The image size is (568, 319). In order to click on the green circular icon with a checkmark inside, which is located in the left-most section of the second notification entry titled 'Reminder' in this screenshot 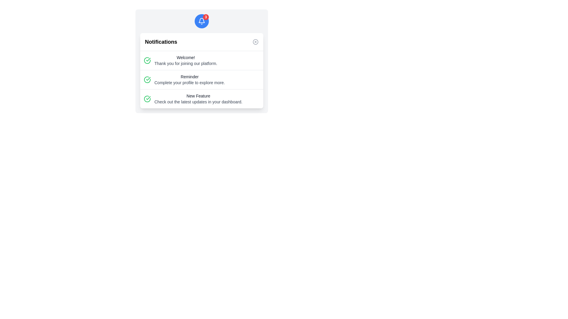, I will do `click(147, 80)`.